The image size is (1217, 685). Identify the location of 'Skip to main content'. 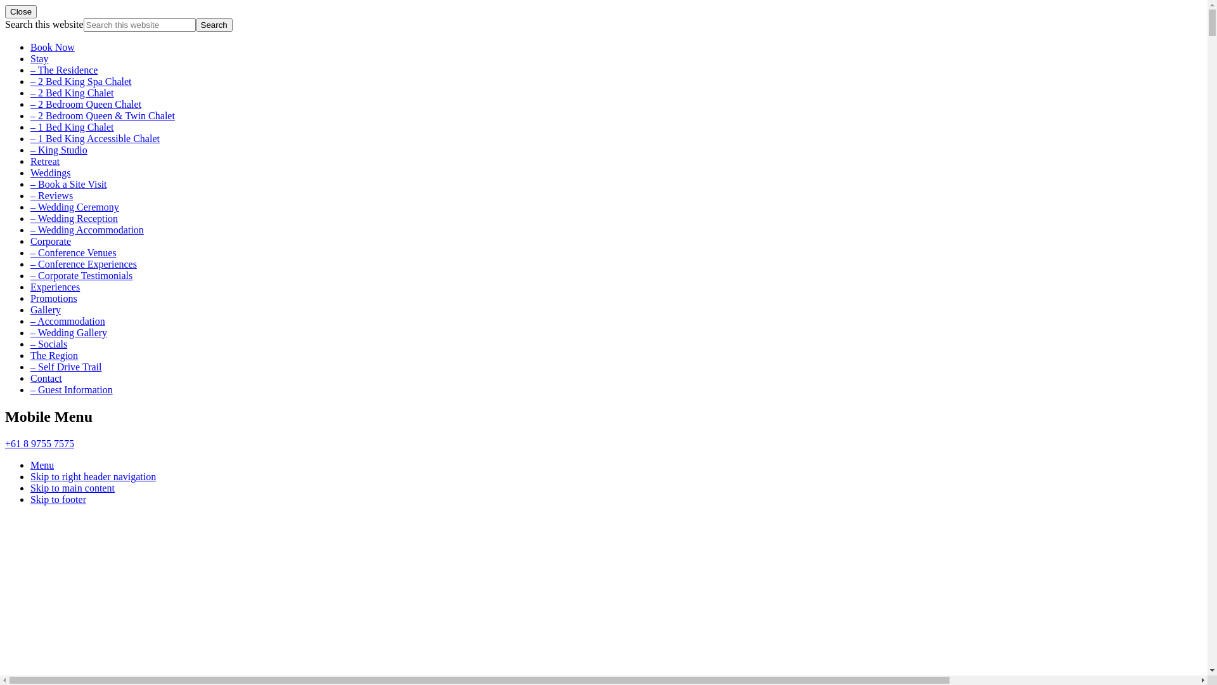
(30, 487).